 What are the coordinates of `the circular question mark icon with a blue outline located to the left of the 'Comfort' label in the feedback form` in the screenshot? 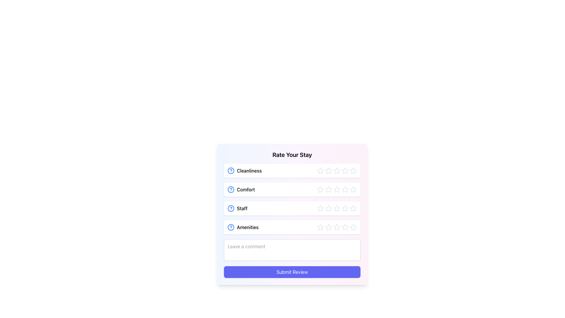 It's located at (231, 190).